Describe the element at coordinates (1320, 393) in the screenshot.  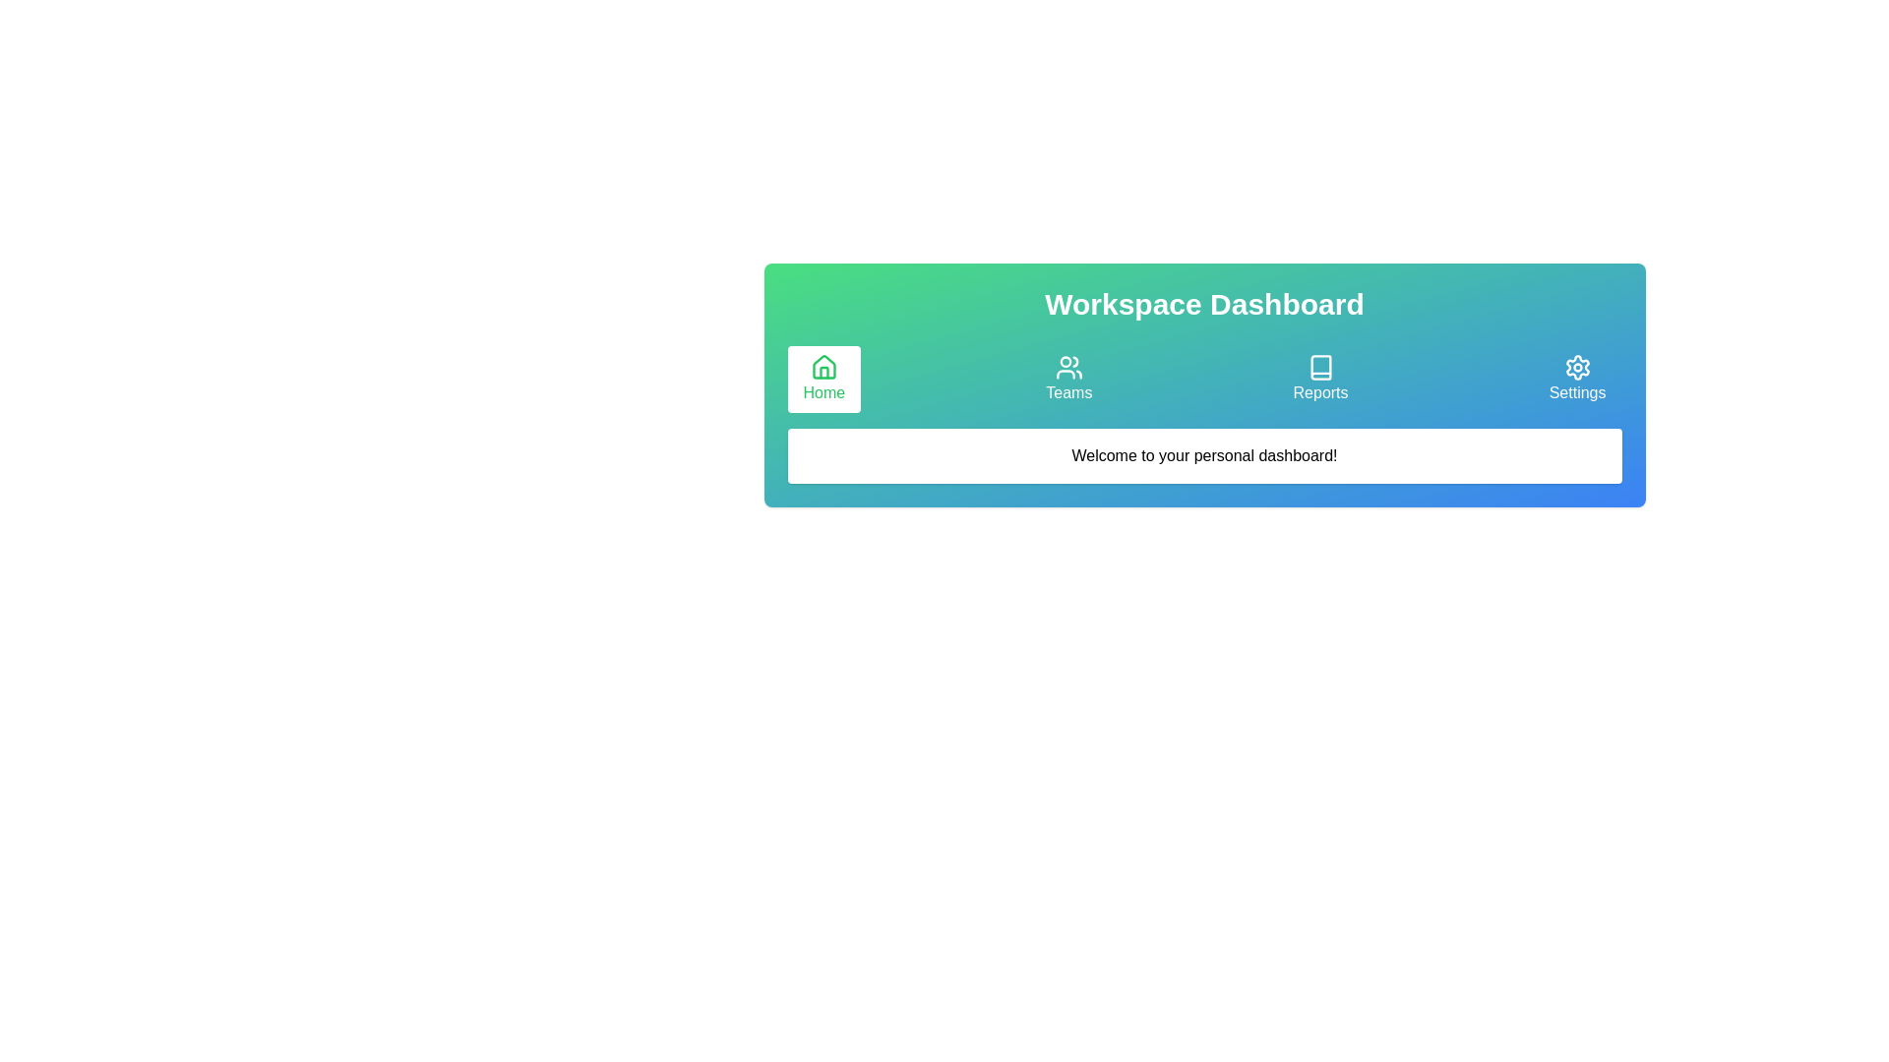
I see `the 'Reports' text label located in the navigation toolbar, which provides a textual indication of the button's action, positioned underneath the book icon` at that location.